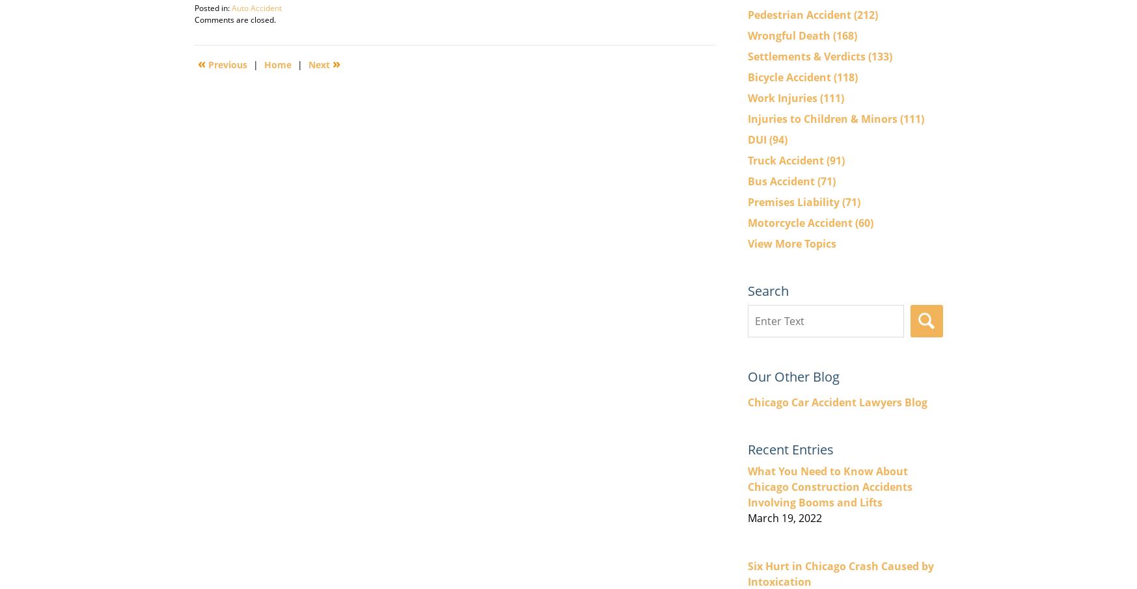 The height and width of the screenshot is (589, 1137). Describe the element at coordinates (255, 7) in the screenshot. I see `'Auto Accident'` at that location.